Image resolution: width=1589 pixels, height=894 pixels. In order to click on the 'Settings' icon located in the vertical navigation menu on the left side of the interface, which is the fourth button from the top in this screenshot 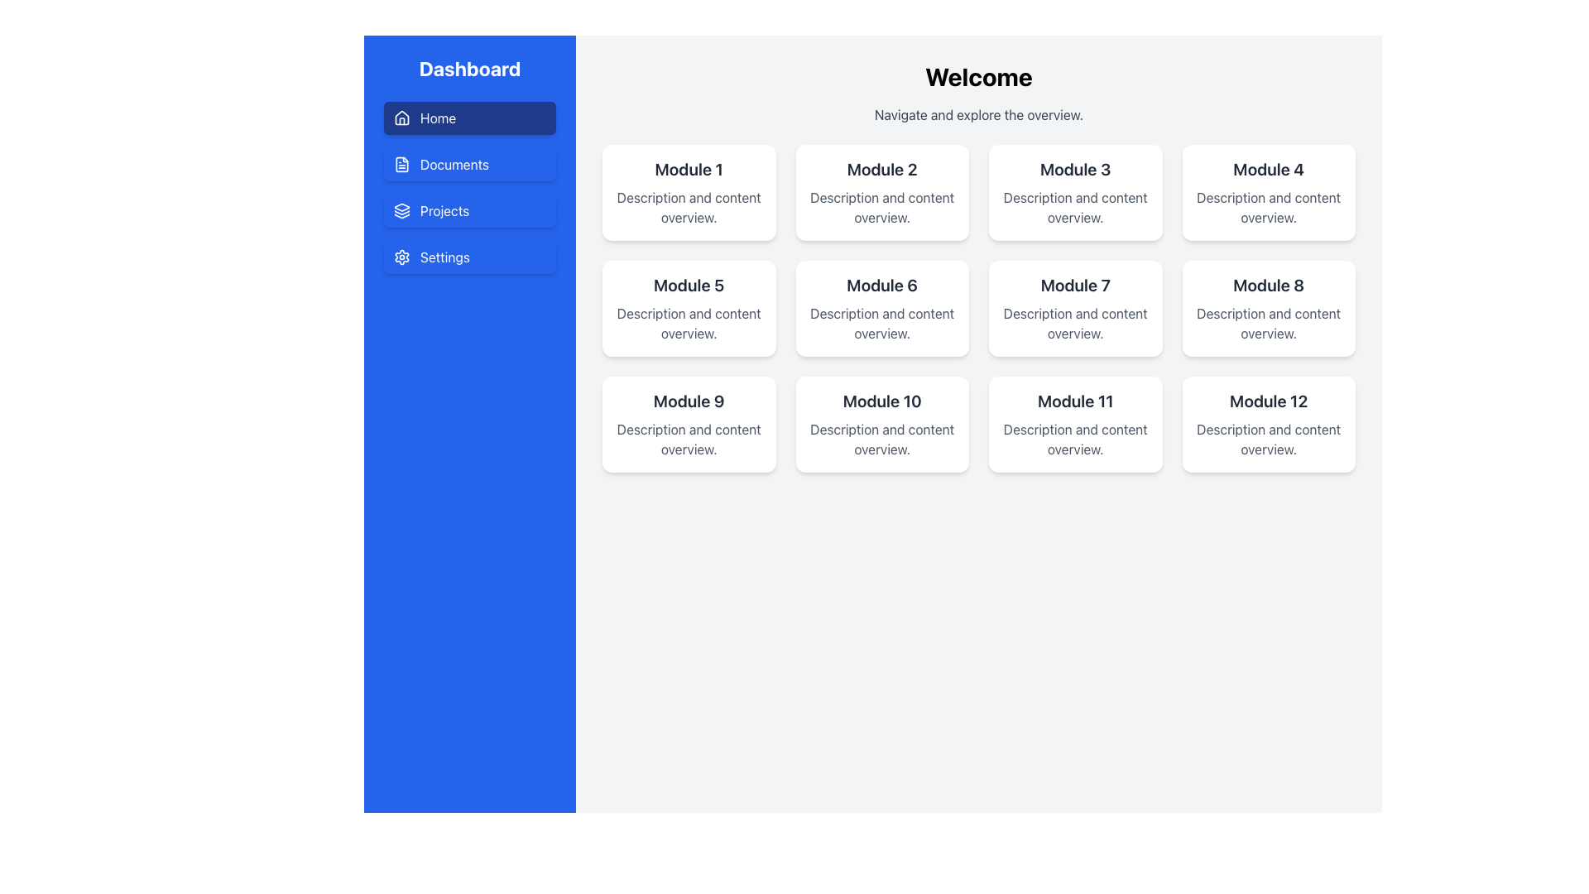, I will do `click(401, 257)`.